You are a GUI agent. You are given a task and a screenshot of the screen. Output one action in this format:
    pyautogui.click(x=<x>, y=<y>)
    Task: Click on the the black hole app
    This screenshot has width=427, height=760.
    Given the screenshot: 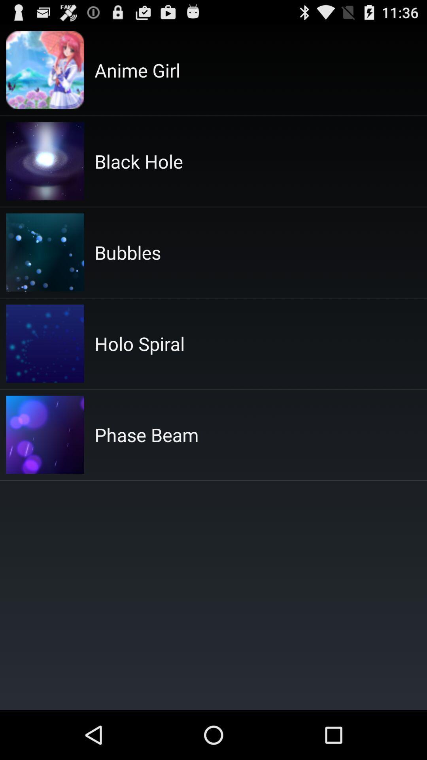 What is the action you would take?
    pyautogui.click(x=138, y=161)
    